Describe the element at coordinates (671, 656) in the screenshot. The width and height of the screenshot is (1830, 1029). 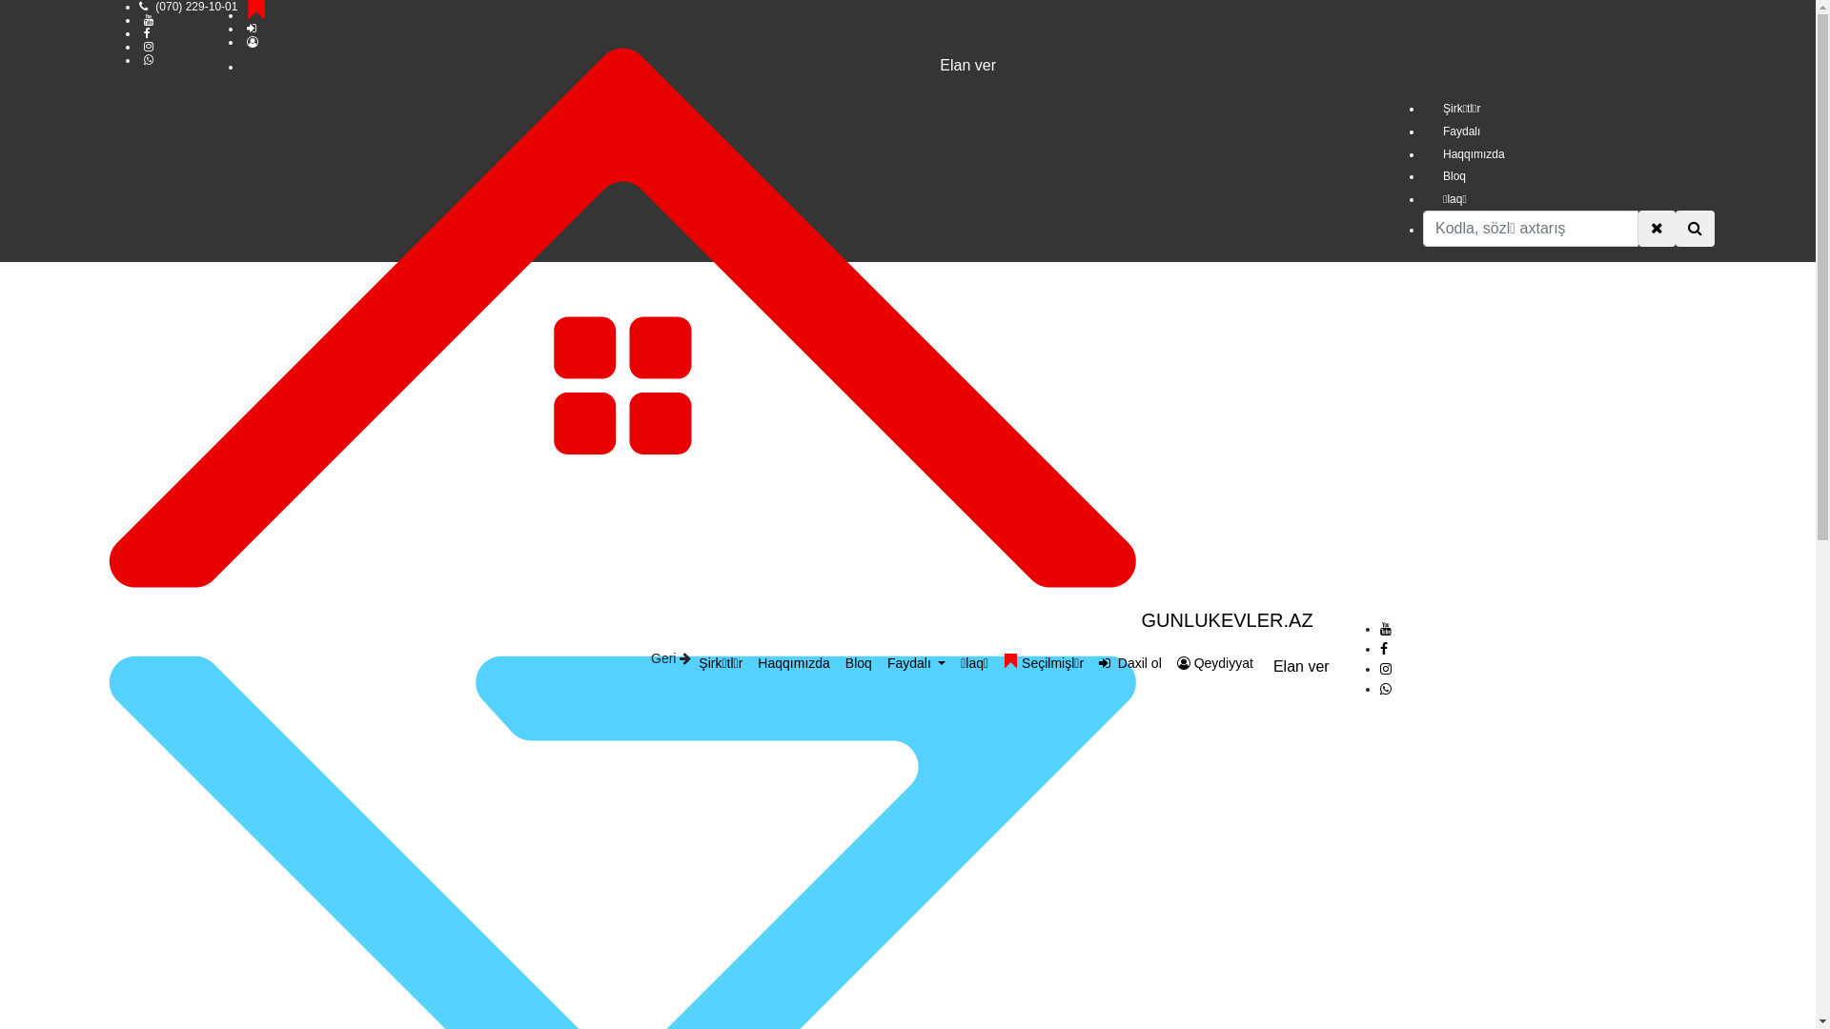
I see `'Geri'` at that location.